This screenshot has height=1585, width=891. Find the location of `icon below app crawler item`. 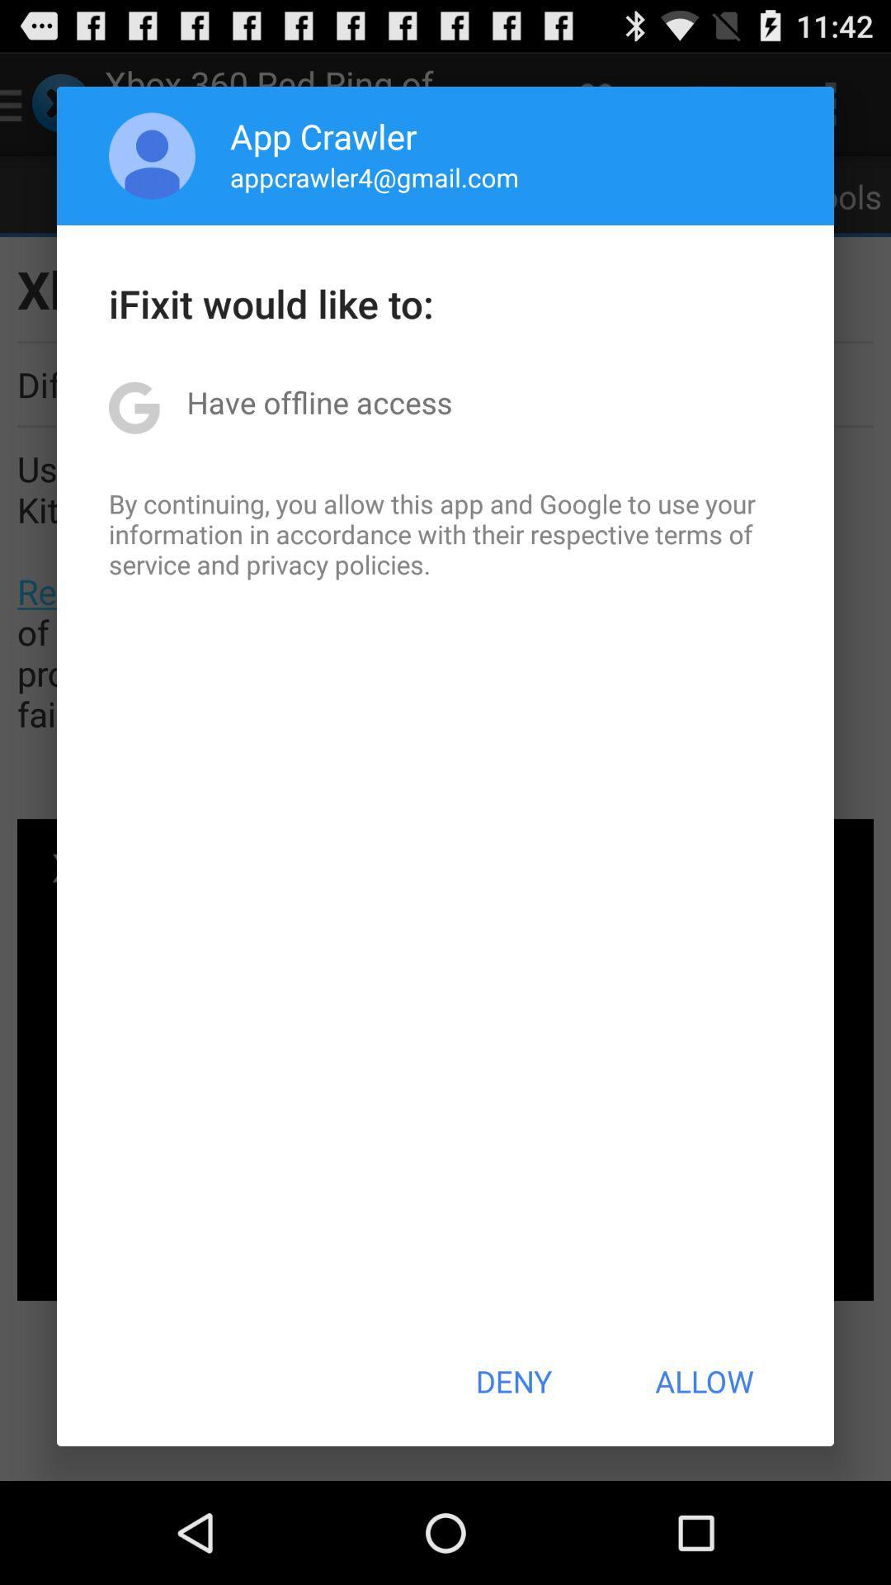

icon below app crawler item is located at coordinates (375, 177).